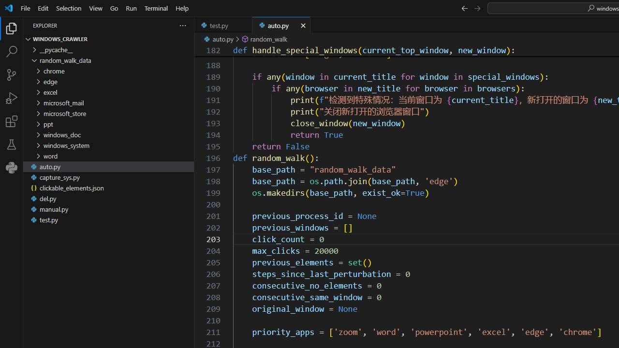  I want to click on 'Explorer (Ctrl+Shift+E)', so click(12, 28).